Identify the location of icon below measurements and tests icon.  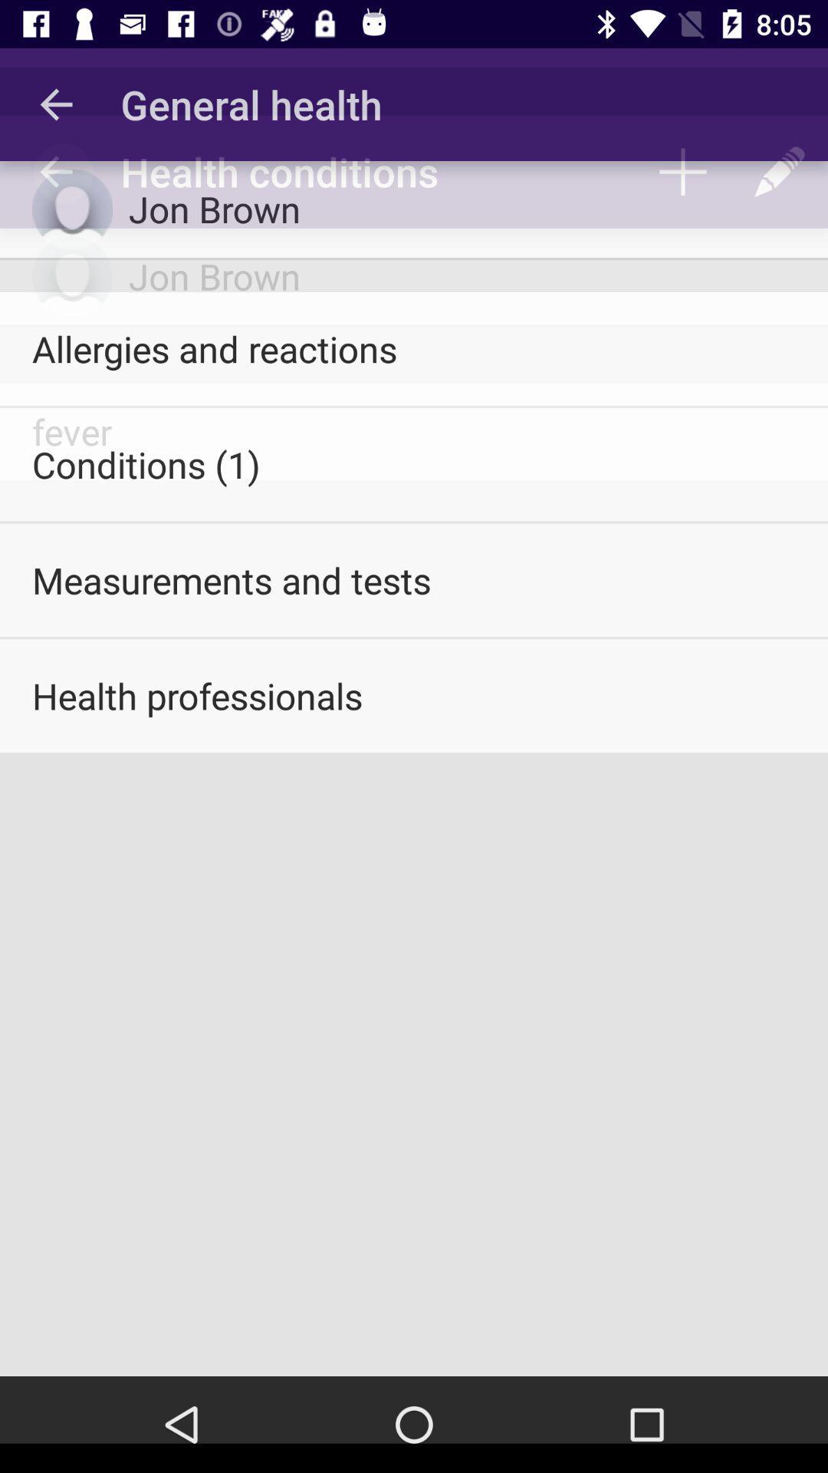
(414, 695).